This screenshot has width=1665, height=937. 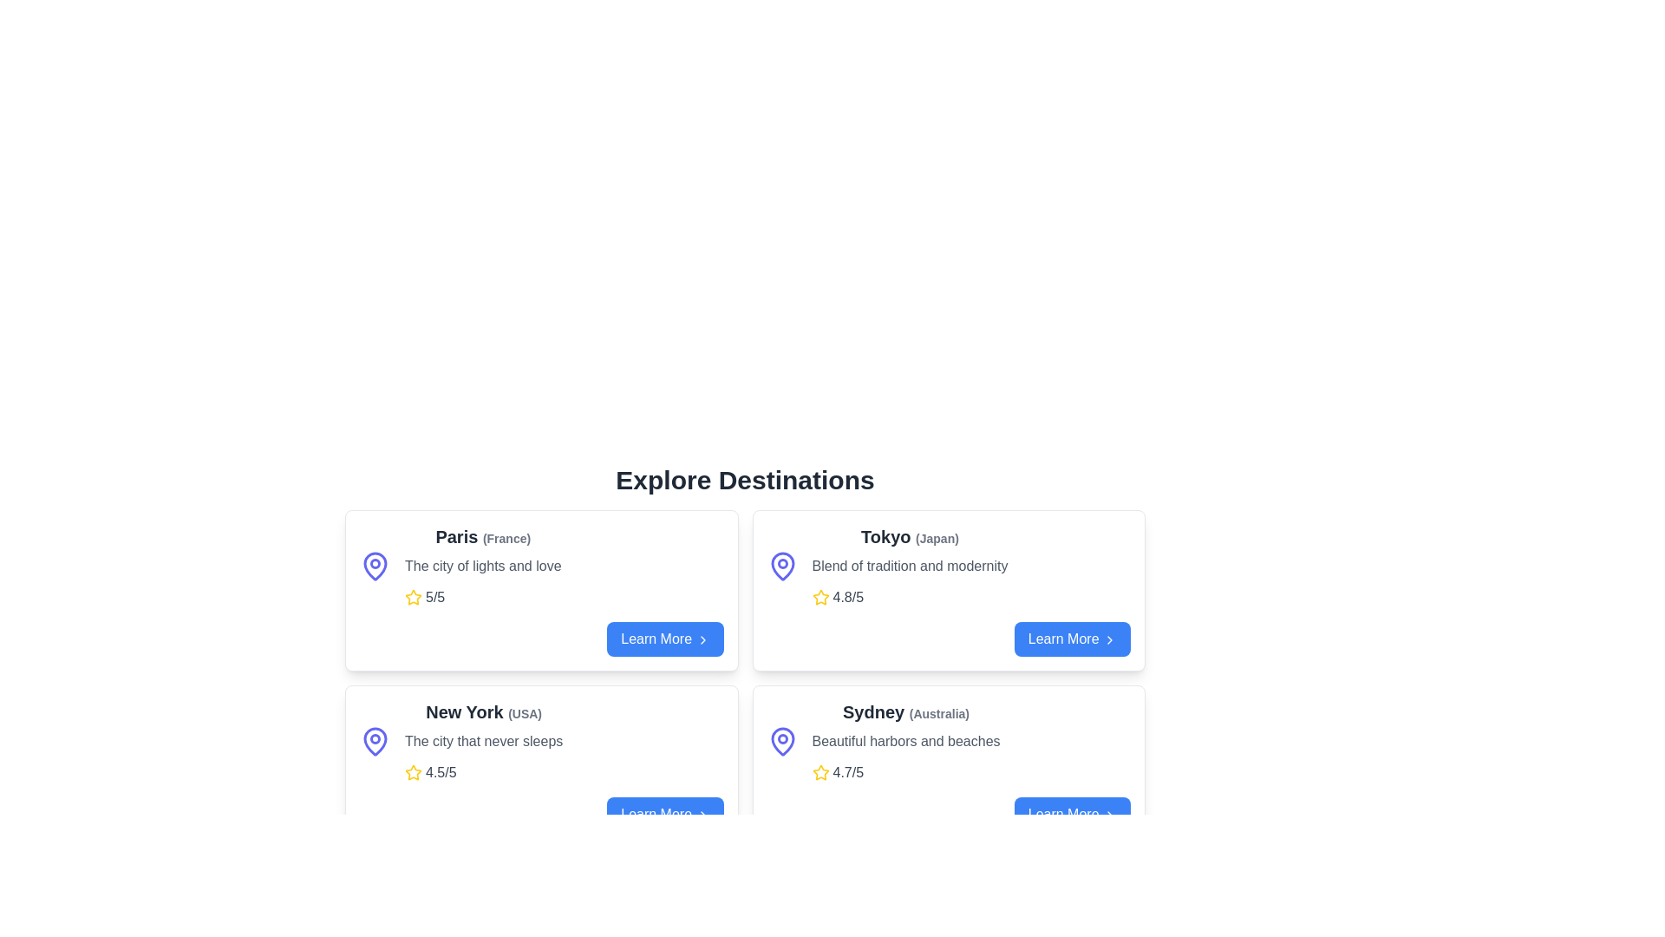 What do you see at coordinates (905, 712) in the screenshot?
I see `the text label displaying 'Sydney (Australia)' which features 'Sydney' in bold and larger font, and '(Australia)' in smaller, lighter font, located in the second row and second column of the destination cards grid` at bounding box center [905, 712].